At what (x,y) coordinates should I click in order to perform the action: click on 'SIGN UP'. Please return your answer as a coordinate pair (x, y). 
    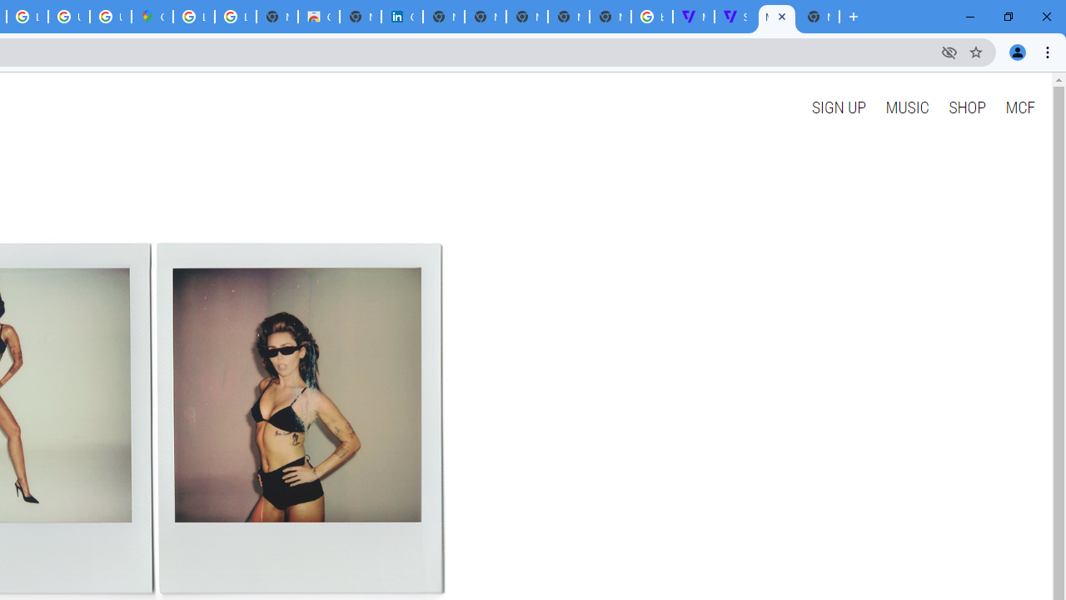
    Looking at the image, I should click on (838, 107).